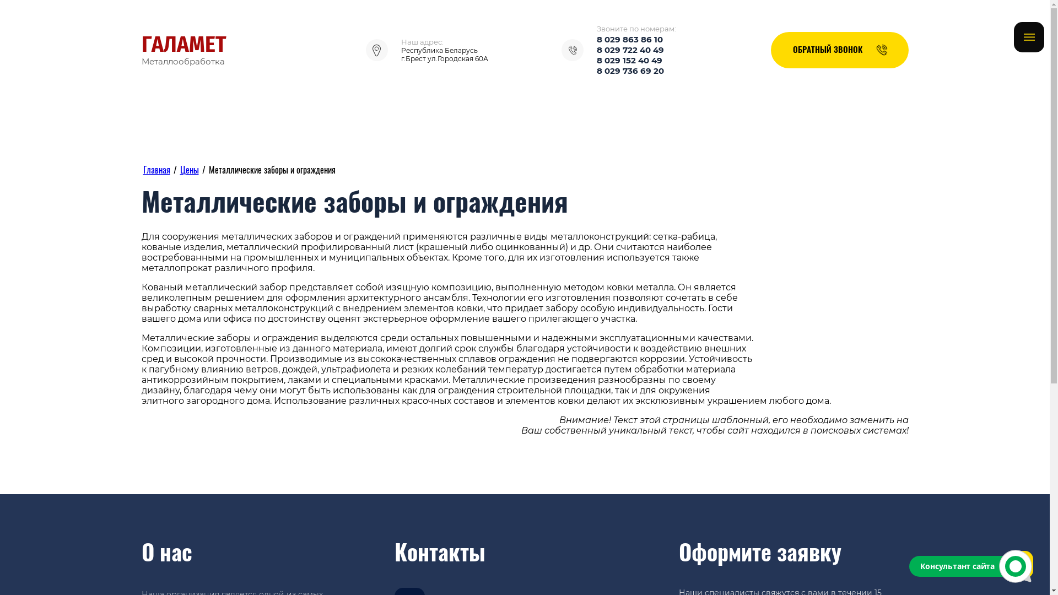  Describe the element at coordinates (630, 50) in the screenshot. I see `'8 029 722 40 49'` at that location.